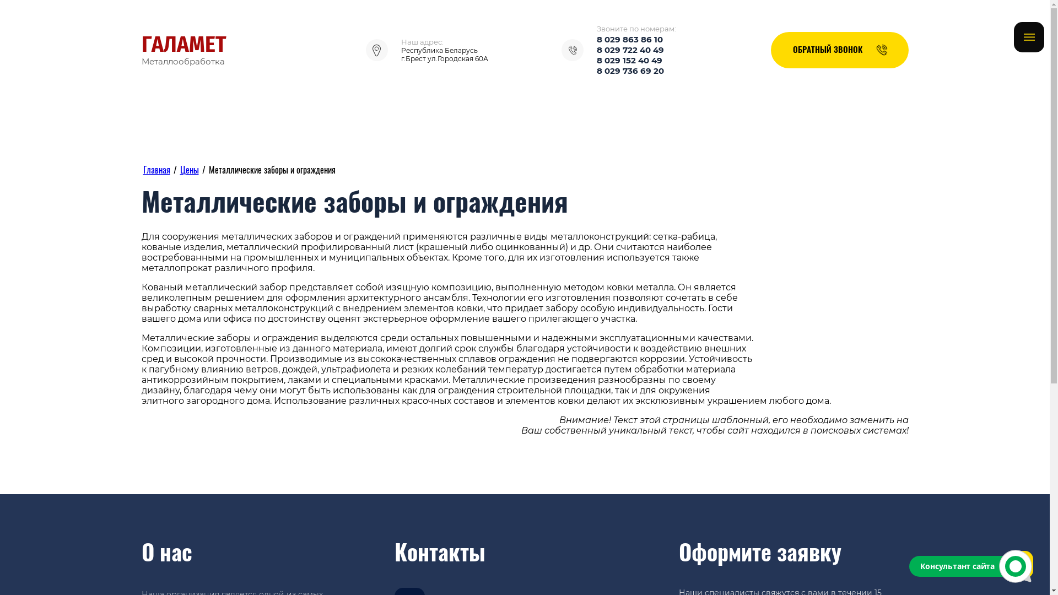  Describe the element at coordinates (630, 50) in the screenshot. I see `'8 029 722 40 49'` at that location.